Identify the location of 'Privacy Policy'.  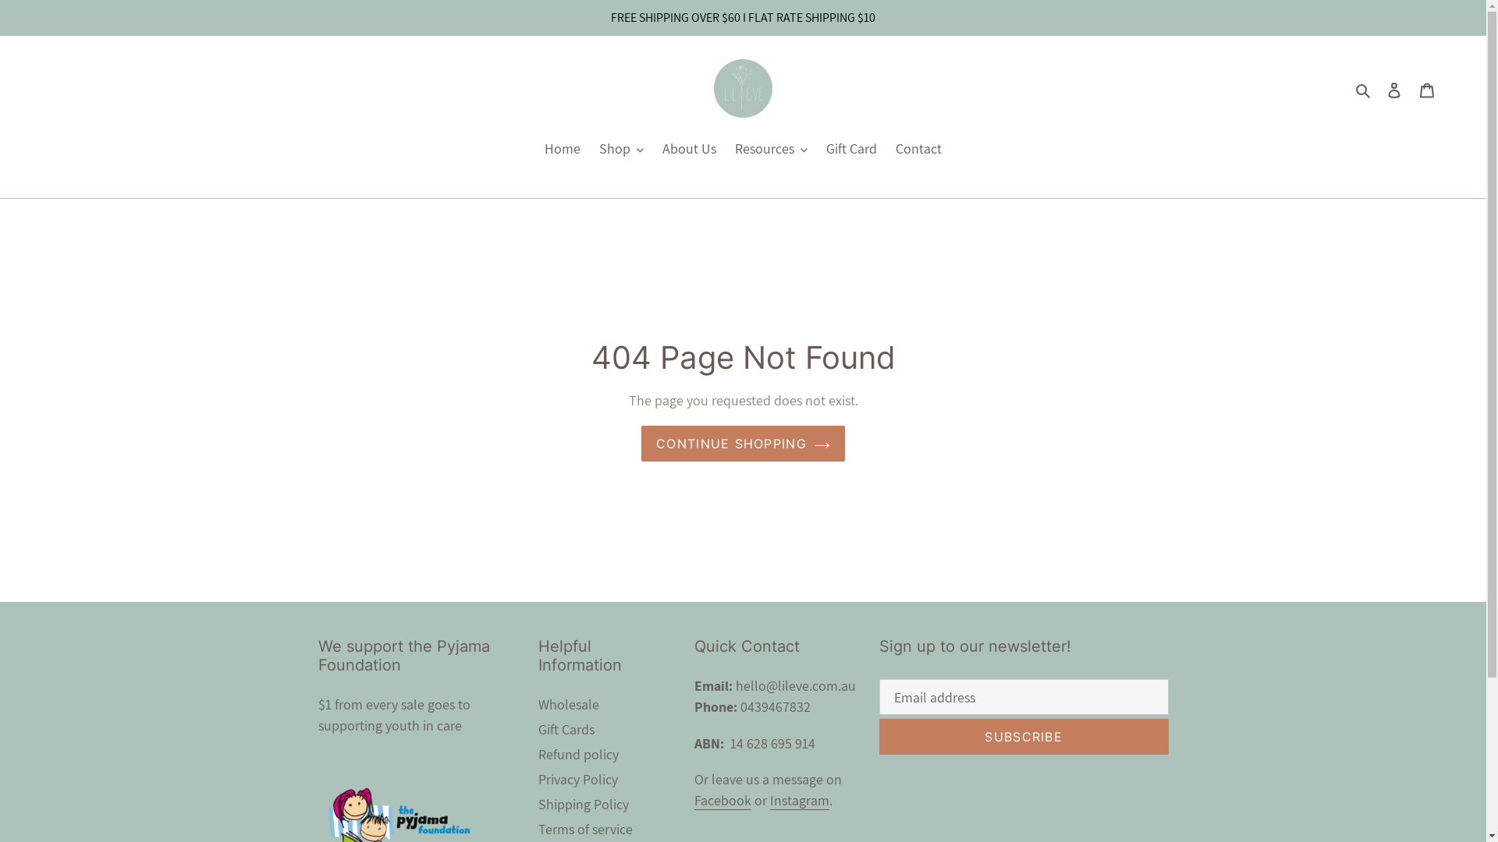
(577, 779).